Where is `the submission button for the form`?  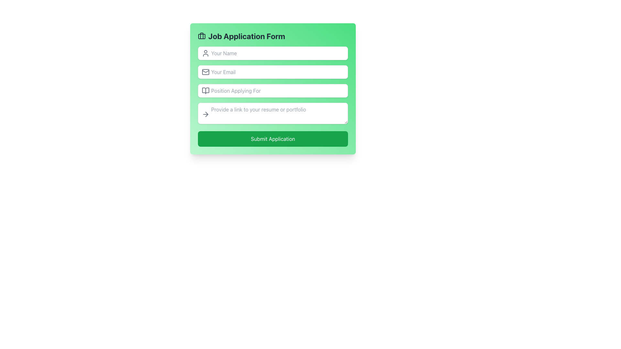 the submission button for the form is located at coordinates (273, 138).